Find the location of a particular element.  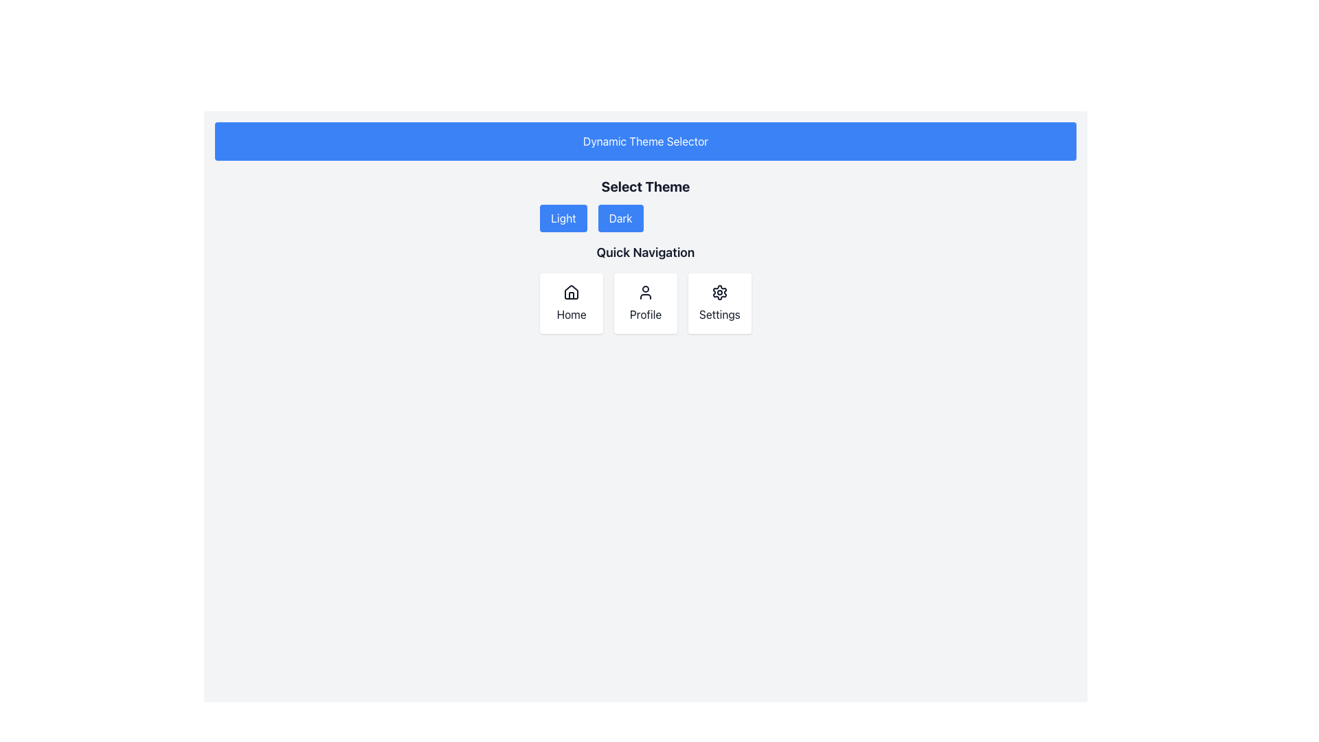

the 'Profile' navigation button, which is the second item in the row of three under the 'Quick Navigation' header is located at coordinates (645, 303).